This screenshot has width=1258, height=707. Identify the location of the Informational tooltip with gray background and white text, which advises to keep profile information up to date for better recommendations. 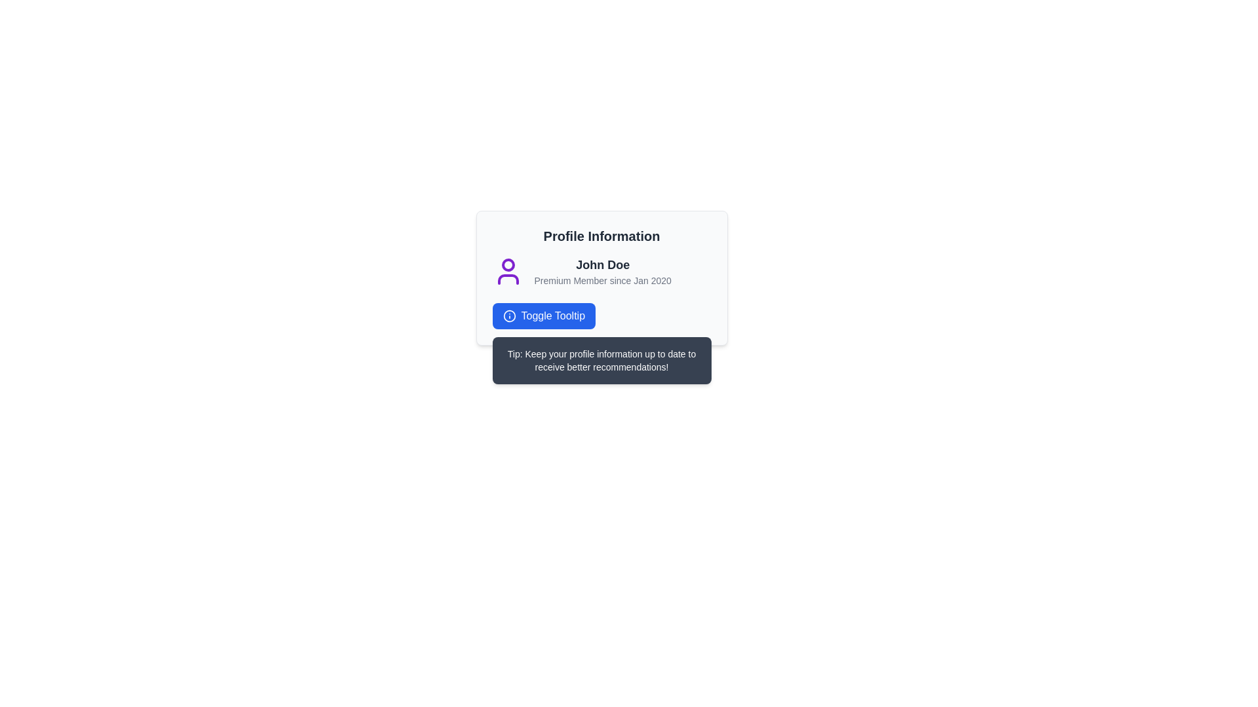
(601, 361).